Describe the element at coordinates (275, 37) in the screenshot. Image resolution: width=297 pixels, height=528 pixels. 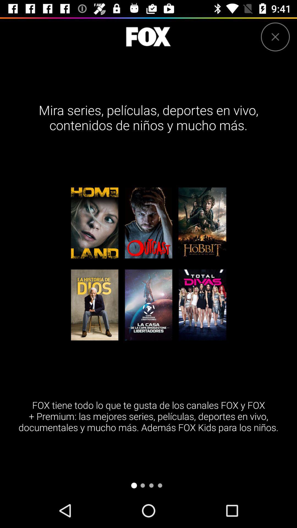
I see `the item at the top right corner` at that location.